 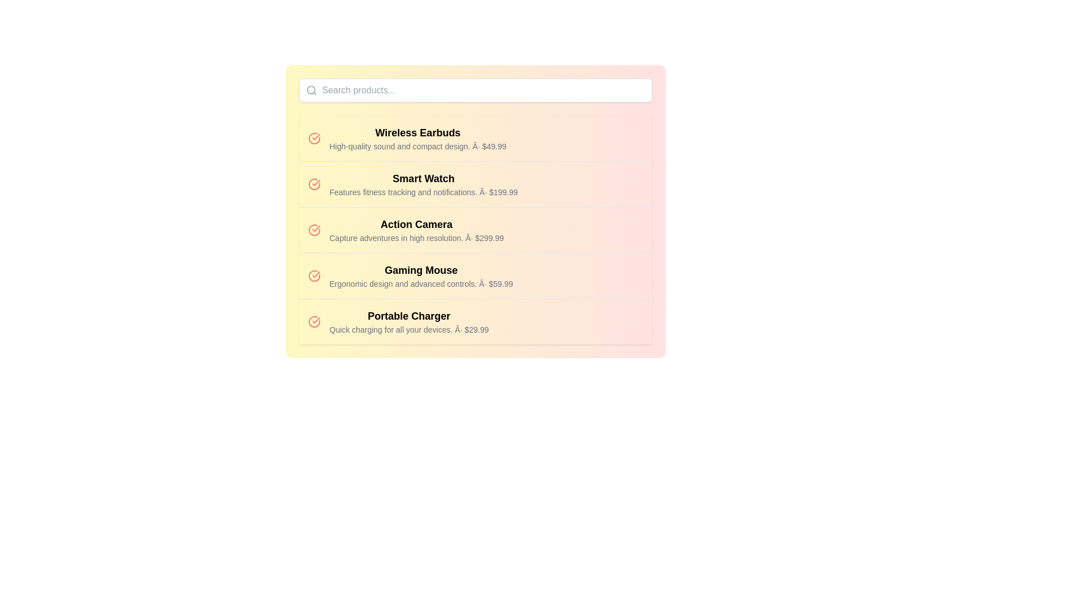 What do you see at coordinates (420, 270) in the screenshot?
I see `the text label displaying 'Gaming Mouse', which is styled in bold and larger font, positioned in the center-left part of the interface` at bounding box center [420, 270].